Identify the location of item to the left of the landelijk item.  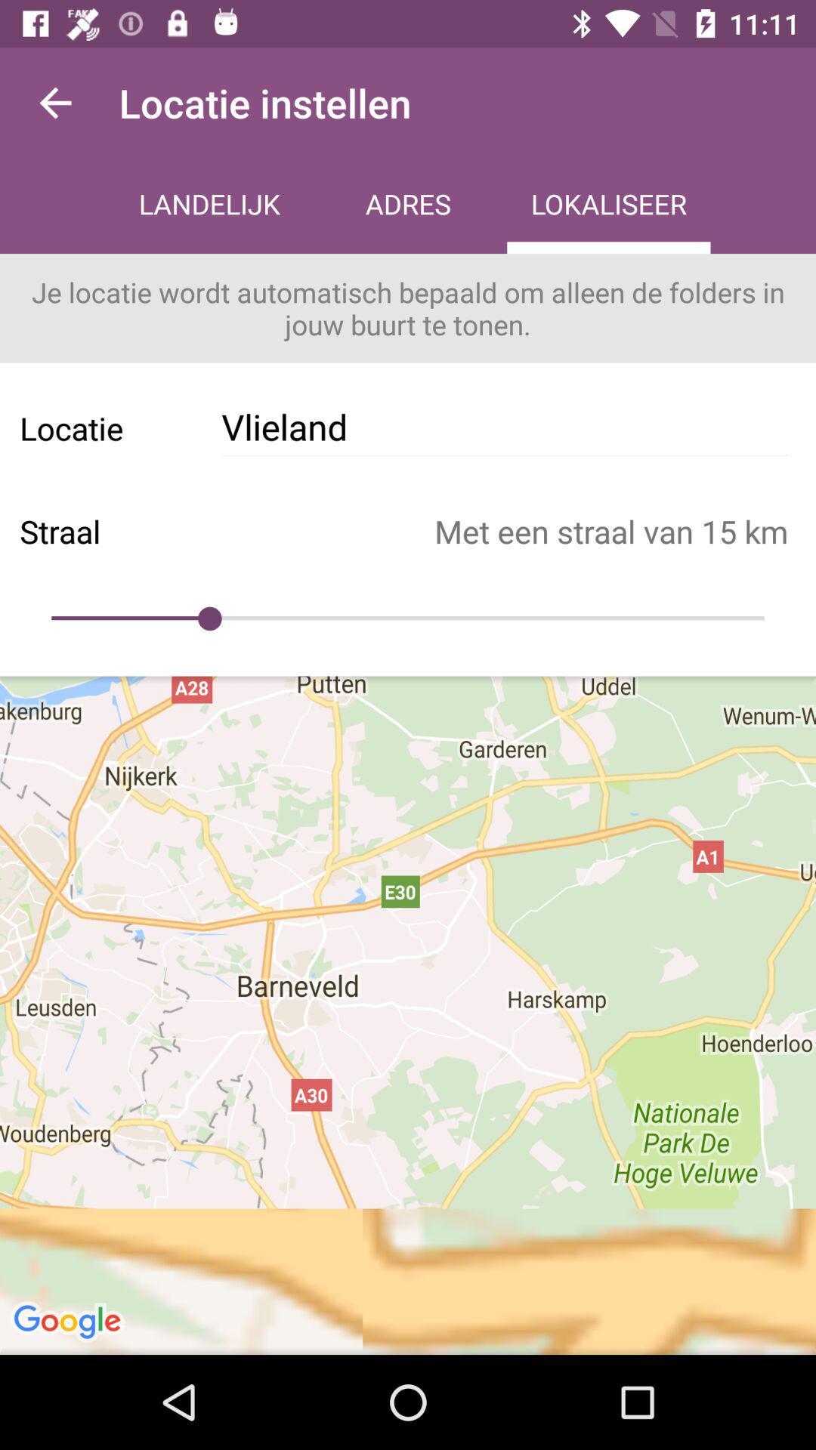
(54, 102).